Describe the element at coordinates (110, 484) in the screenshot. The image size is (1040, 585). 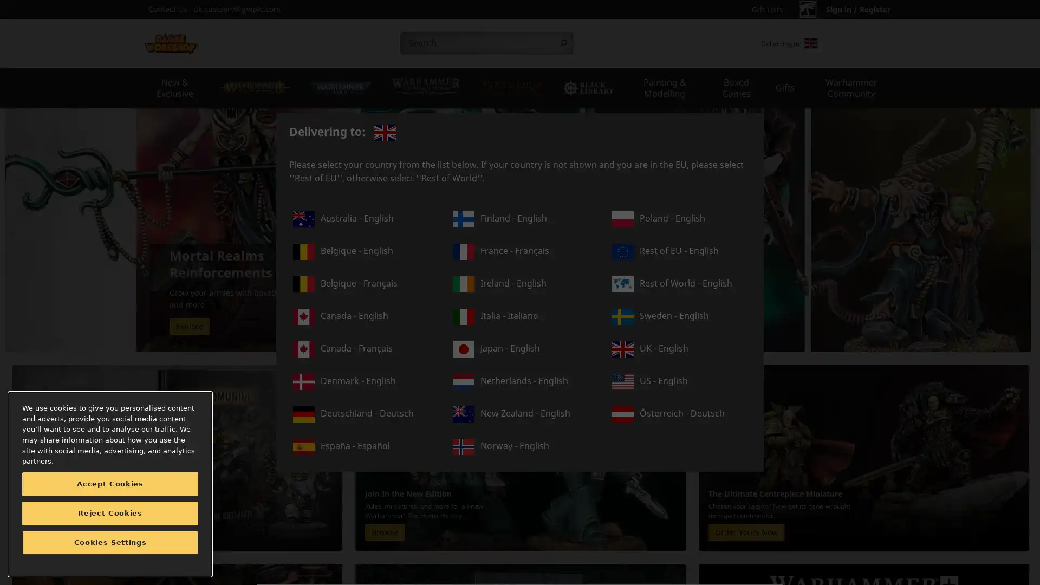
I see `Accept Cookies` at that location.